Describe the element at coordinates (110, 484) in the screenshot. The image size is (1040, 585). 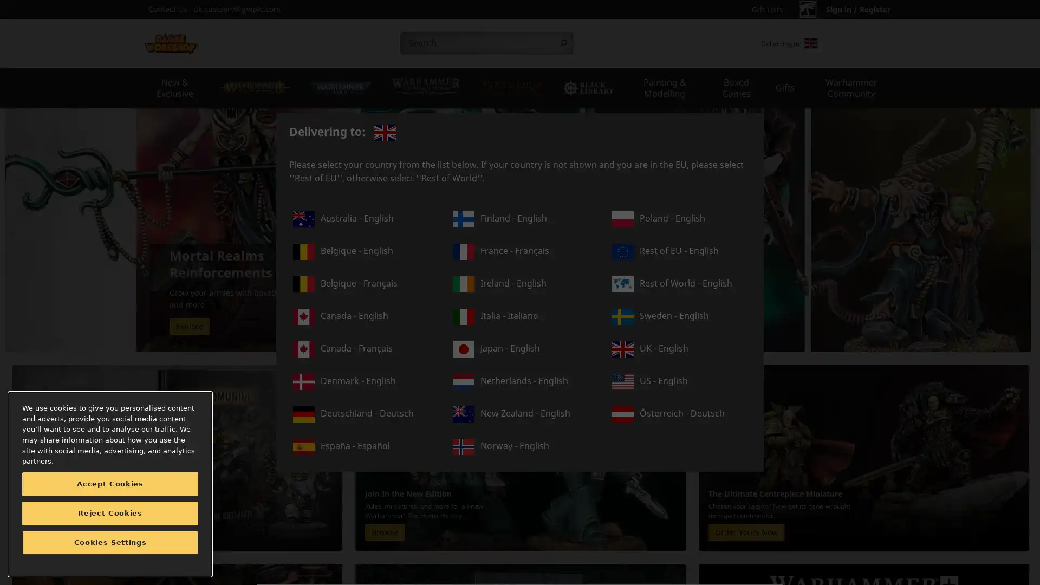
I see `Accept Cookies` at that location.